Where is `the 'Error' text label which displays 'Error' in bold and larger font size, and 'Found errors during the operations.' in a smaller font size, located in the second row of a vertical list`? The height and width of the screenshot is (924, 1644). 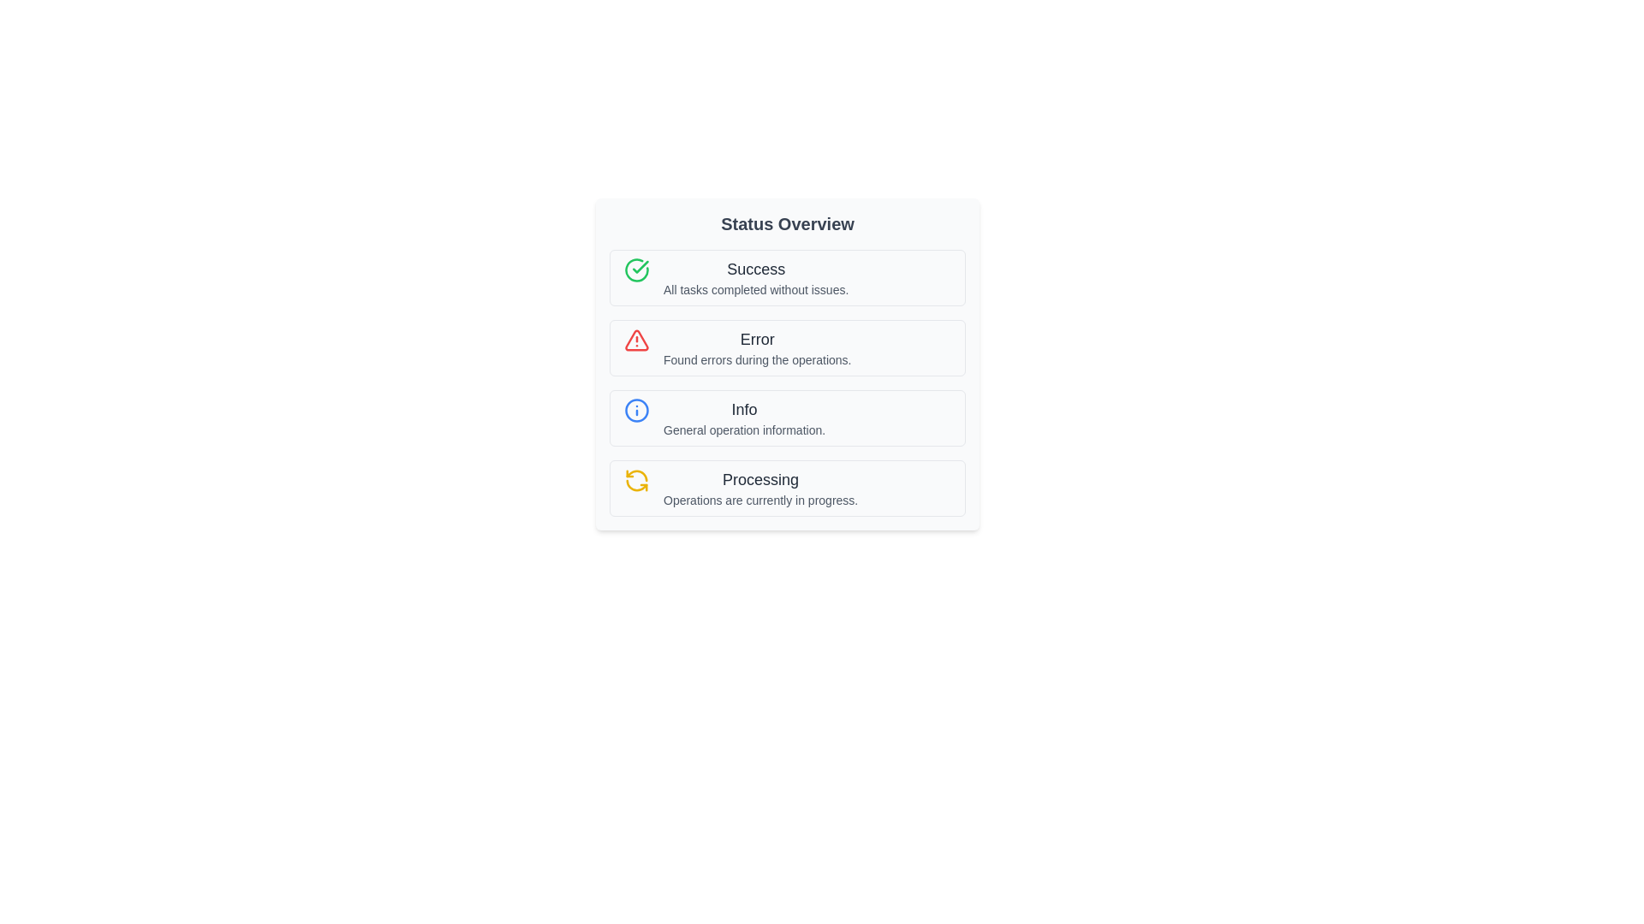 the 'Error' text label which displays 'Error' in bold and larger font size, and 'Found errors during the operations.' in a smaller font size, located in the second row of a vertical list is located at coordinates (756, 347).